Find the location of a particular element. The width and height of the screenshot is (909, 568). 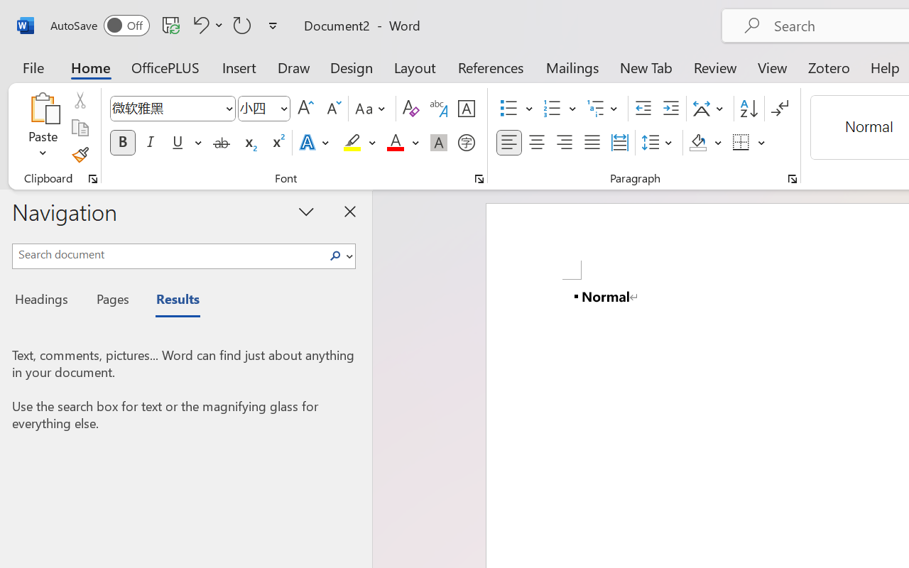

'References' is located at coordinates (491, 67).